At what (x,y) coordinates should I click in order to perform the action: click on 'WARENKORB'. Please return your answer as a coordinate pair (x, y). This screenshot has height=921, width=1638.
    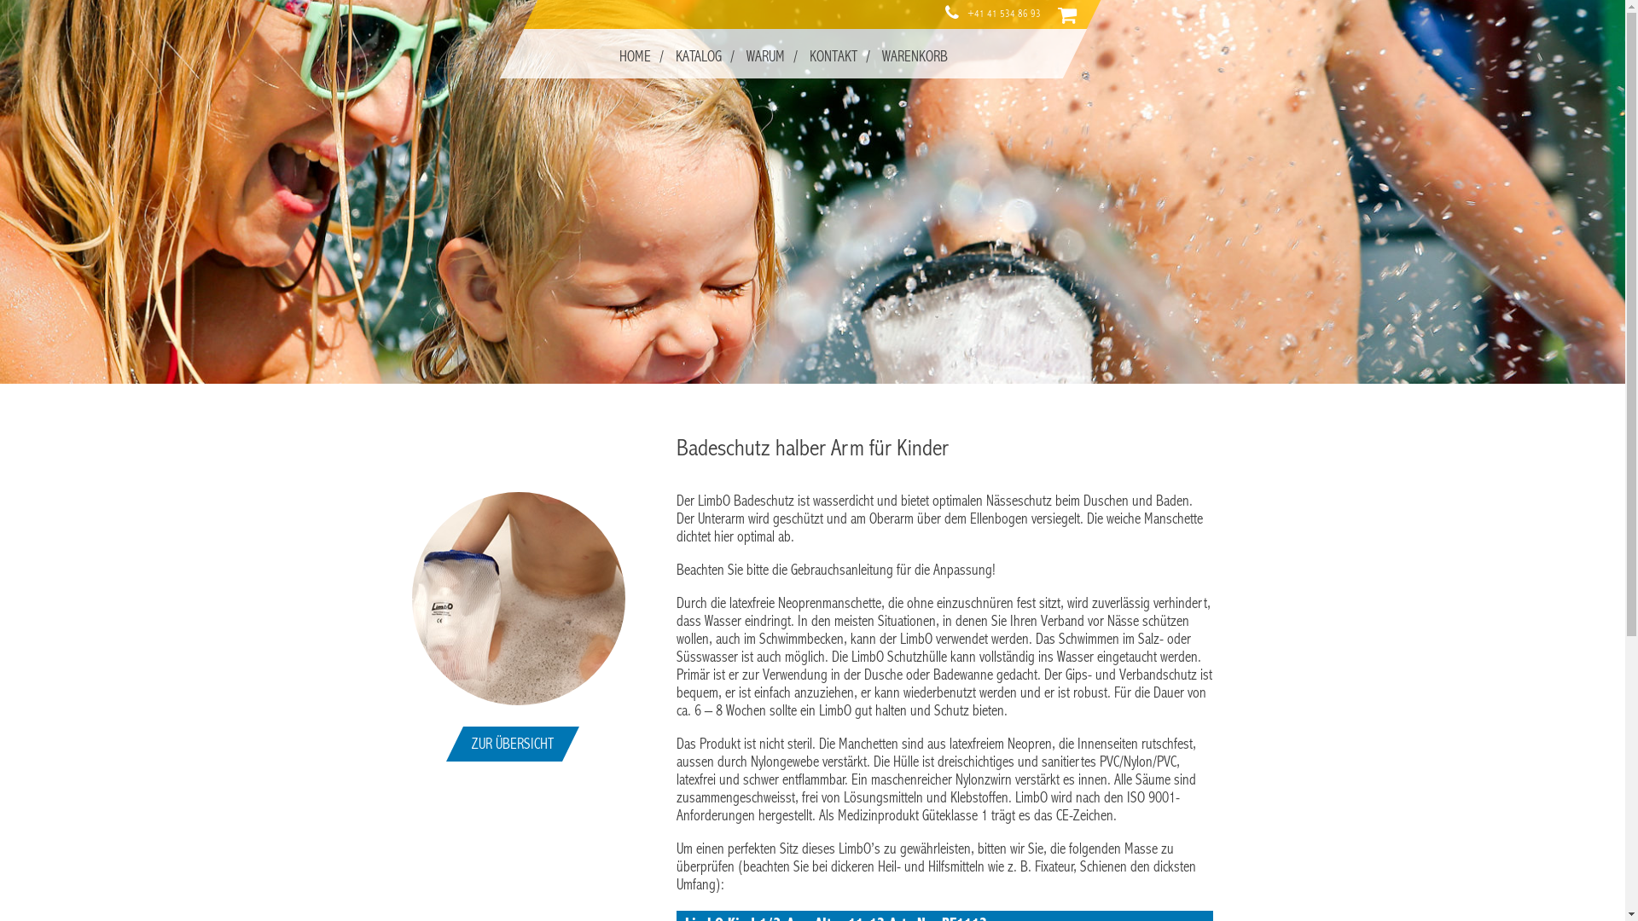
    Looking at the image, I should click on (913, 55).